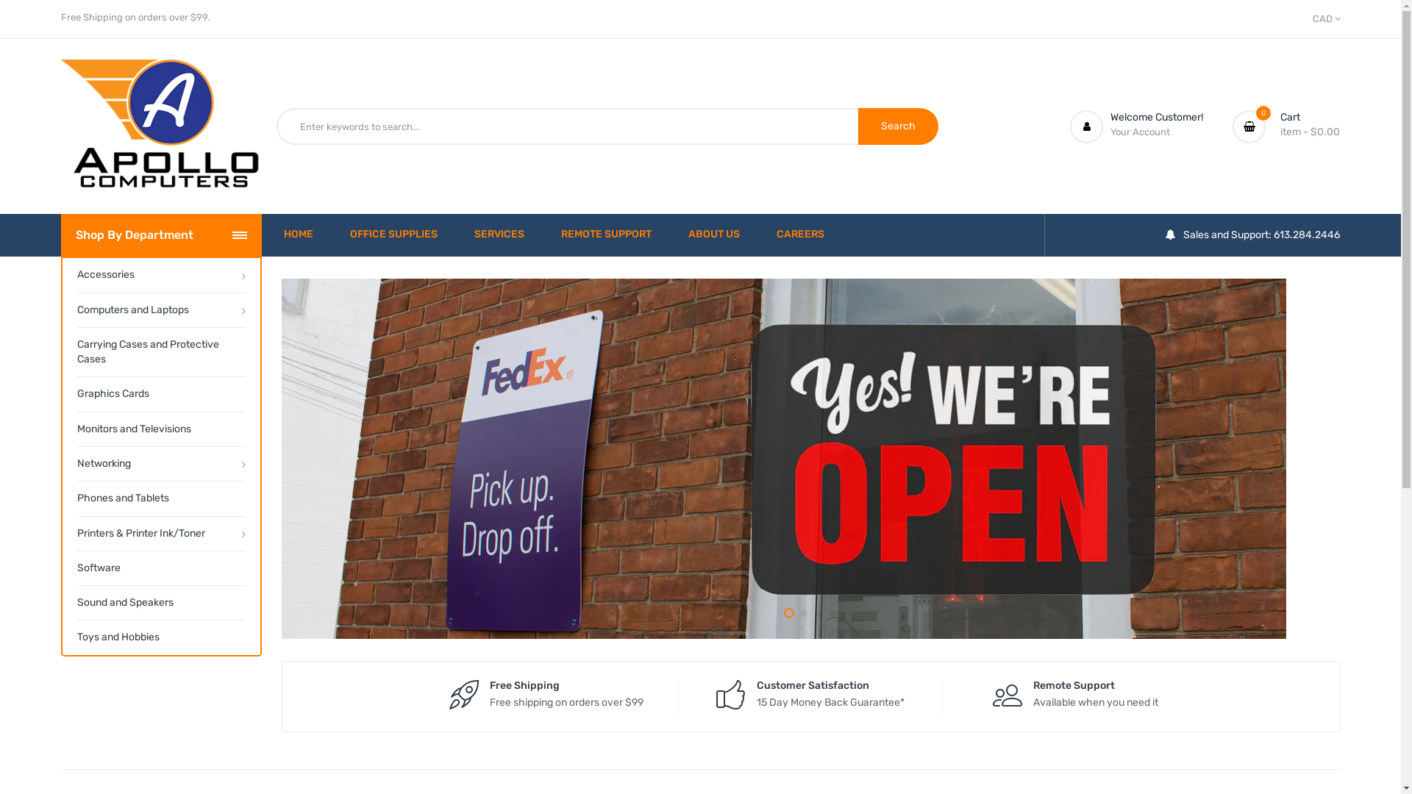  I want to click on 'ABOUT US', so click(713, 234).